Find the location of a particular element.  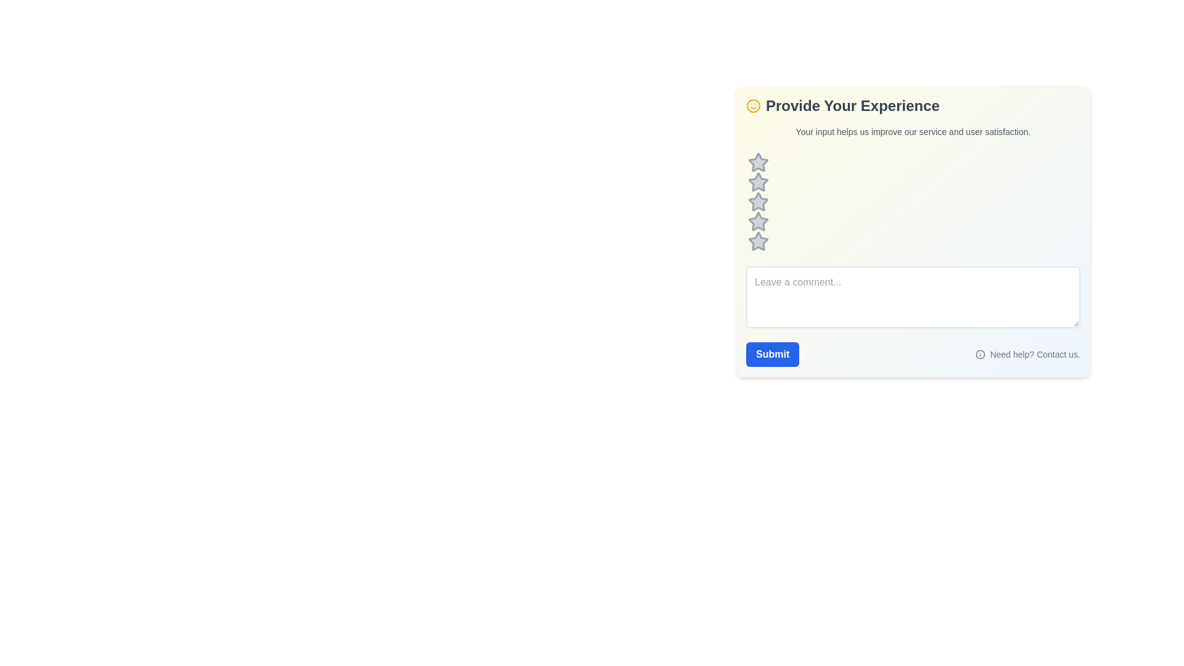

the decorative icon positioned to the left of the 'Provide Your Experience' text at the top of the feedback form is located at coordinates (753, 105).